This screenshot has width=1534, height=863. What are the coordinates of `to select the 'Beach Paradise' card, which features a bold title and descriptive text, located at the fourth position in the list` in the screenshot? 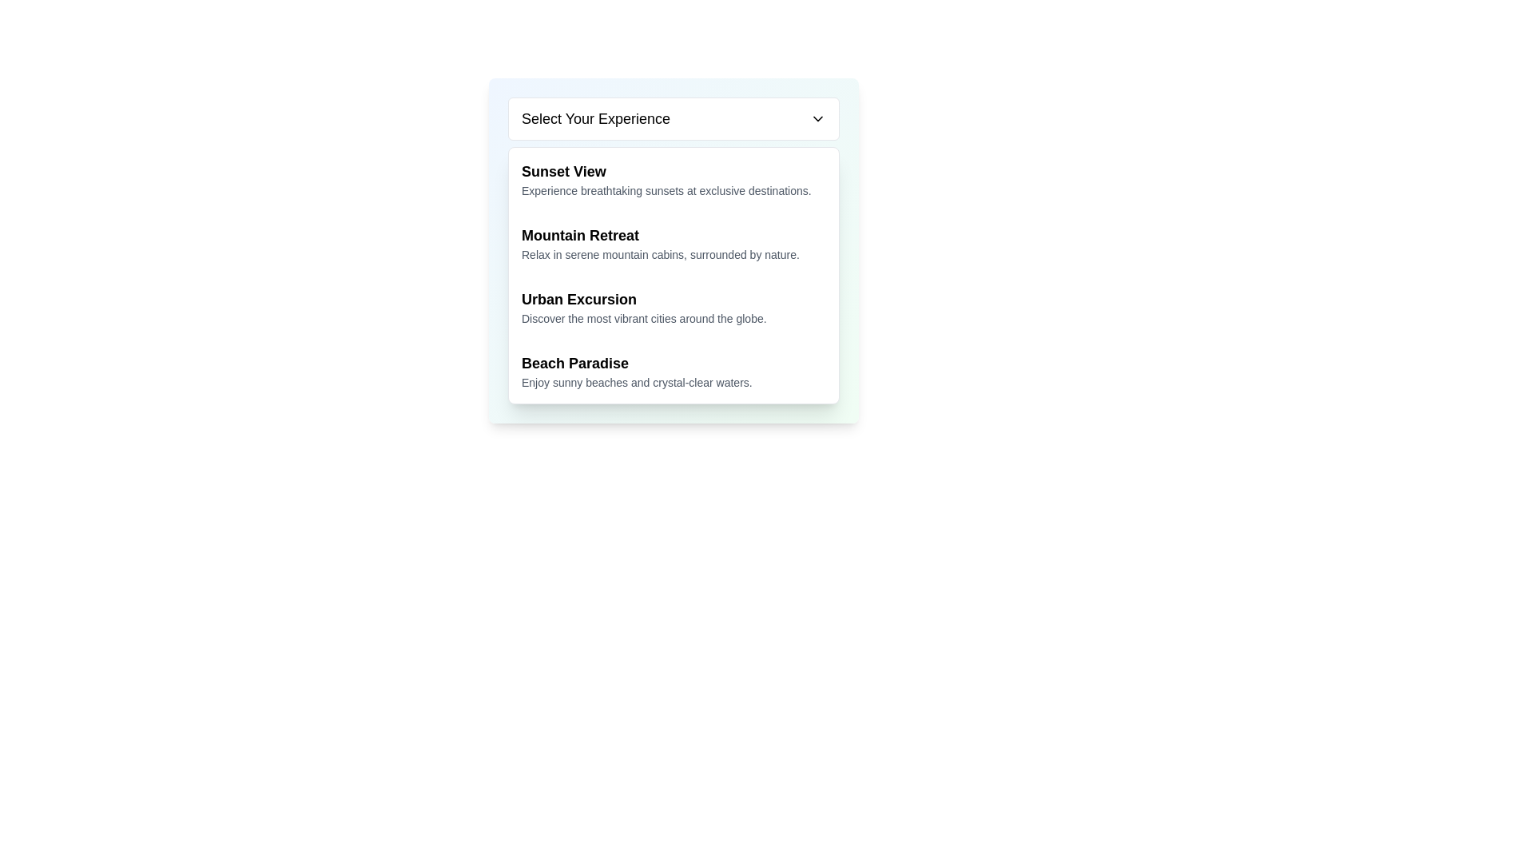 It's located at (674, 372).